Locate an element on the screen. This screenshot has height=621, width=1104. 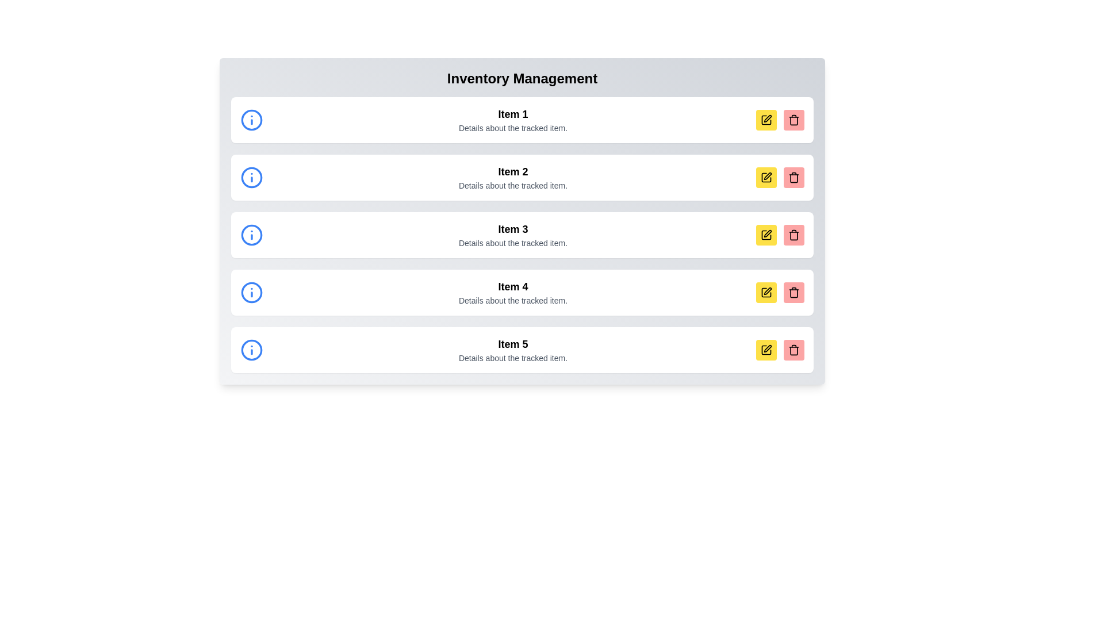
the trash icon delete button, which is a black outlined garbage bin on a pink background, located on the rightmost side of the row labeled 'Item 3' is located at coordinates (793, 177).